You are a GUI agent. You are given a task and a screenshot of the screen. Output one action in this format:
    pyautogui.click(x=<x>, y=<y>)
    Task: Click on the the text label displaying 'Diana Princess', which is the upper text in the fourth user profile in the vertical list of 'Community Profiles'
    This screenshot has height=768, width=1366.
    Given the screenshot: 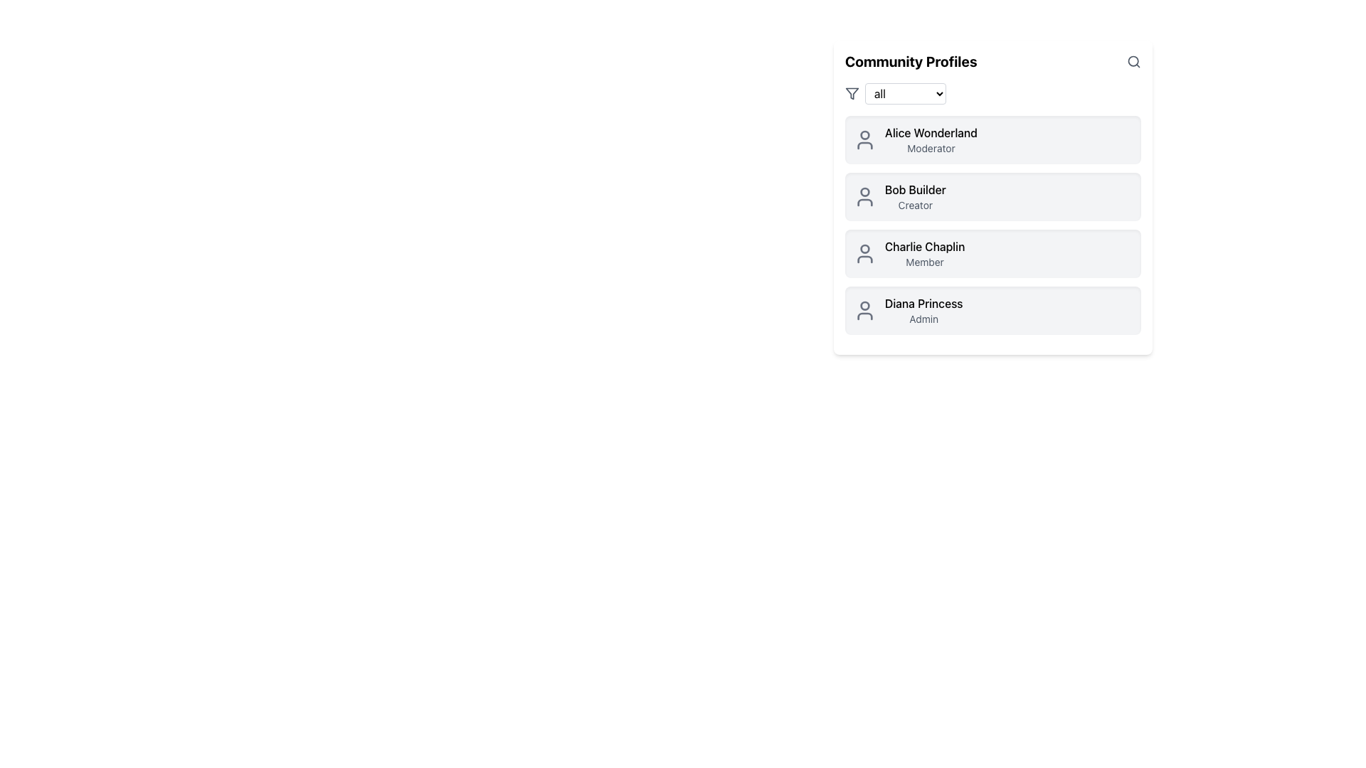 What is the action you would take?
    pyautogui.click(x=923, y=303)
    